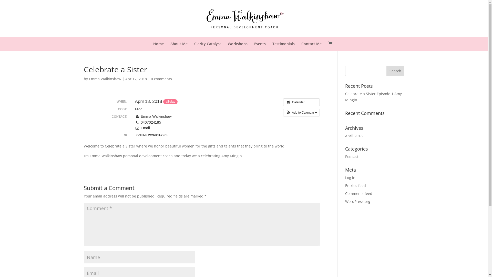 The width and height of the screenshot is (492, 277). I want to click on 'Testimonials', so click(283, 43).